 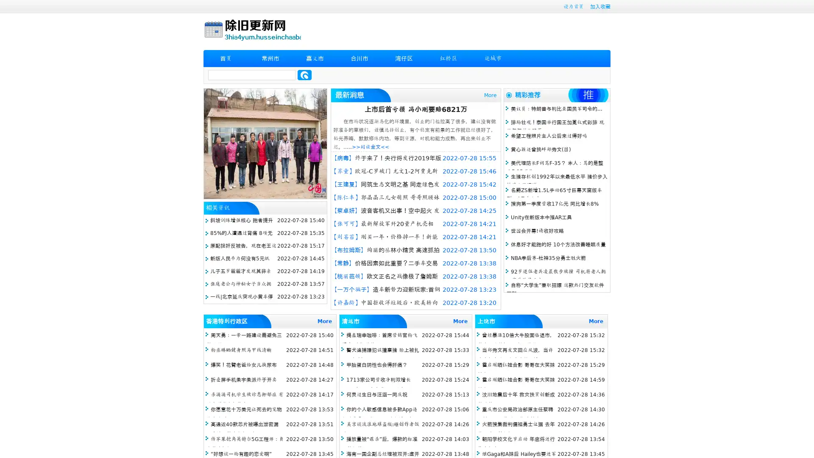 What do you see at coordinates (304, 75) in the screenshot?
I see `Search` at bounding box center [304, 75].